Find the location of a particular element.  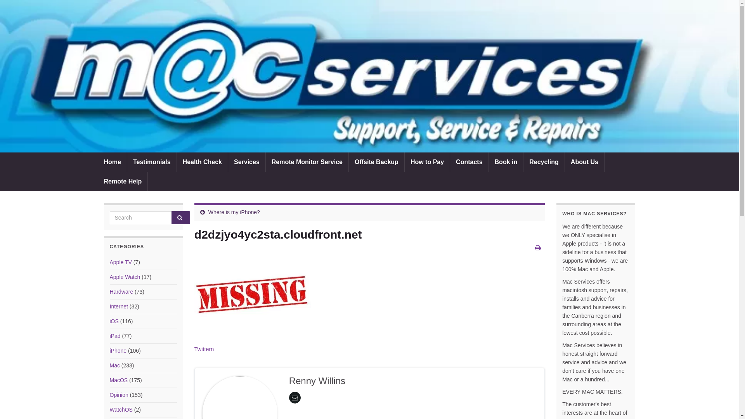

'Offsite Backup' is located at coordinates (376, 161).